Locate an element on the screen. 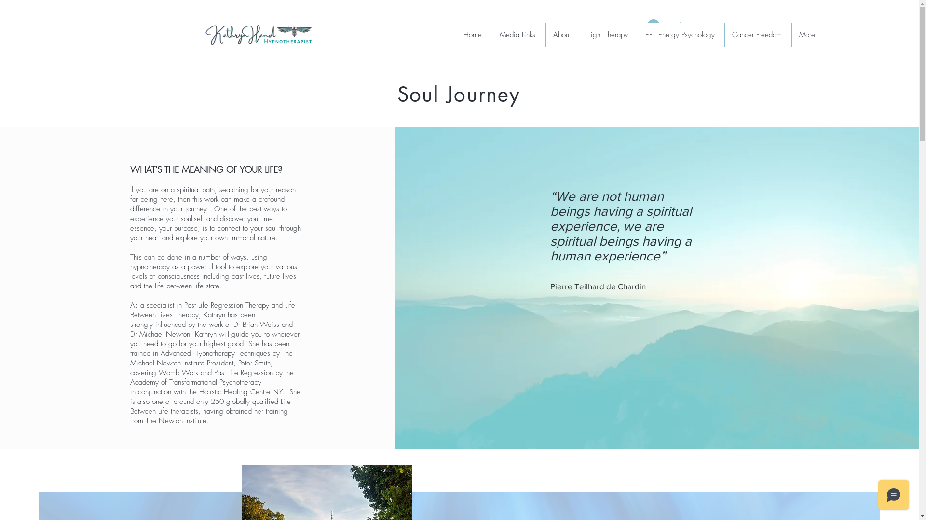  'EFT Energy Psychology' is located at coordinates (680, 34).